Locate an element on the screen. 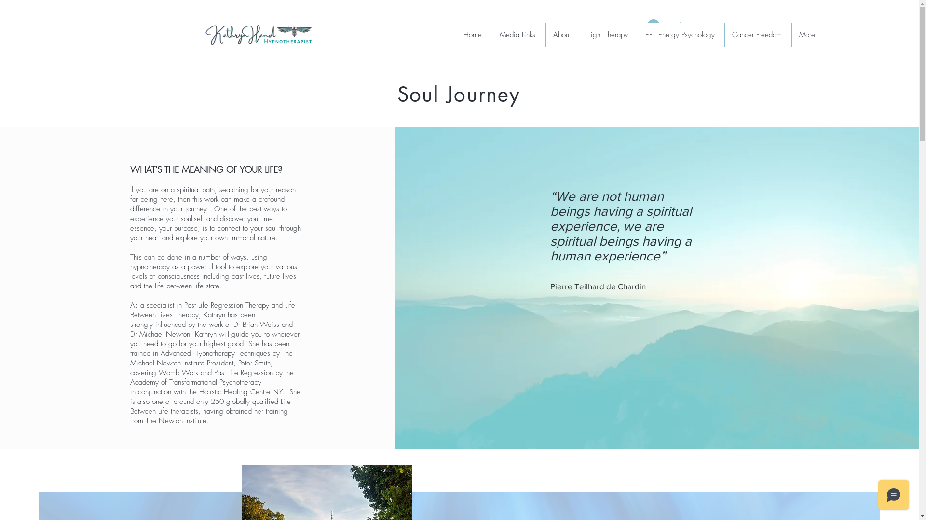  'EFT Energy Psychology' is located at coordinates (680, 34).